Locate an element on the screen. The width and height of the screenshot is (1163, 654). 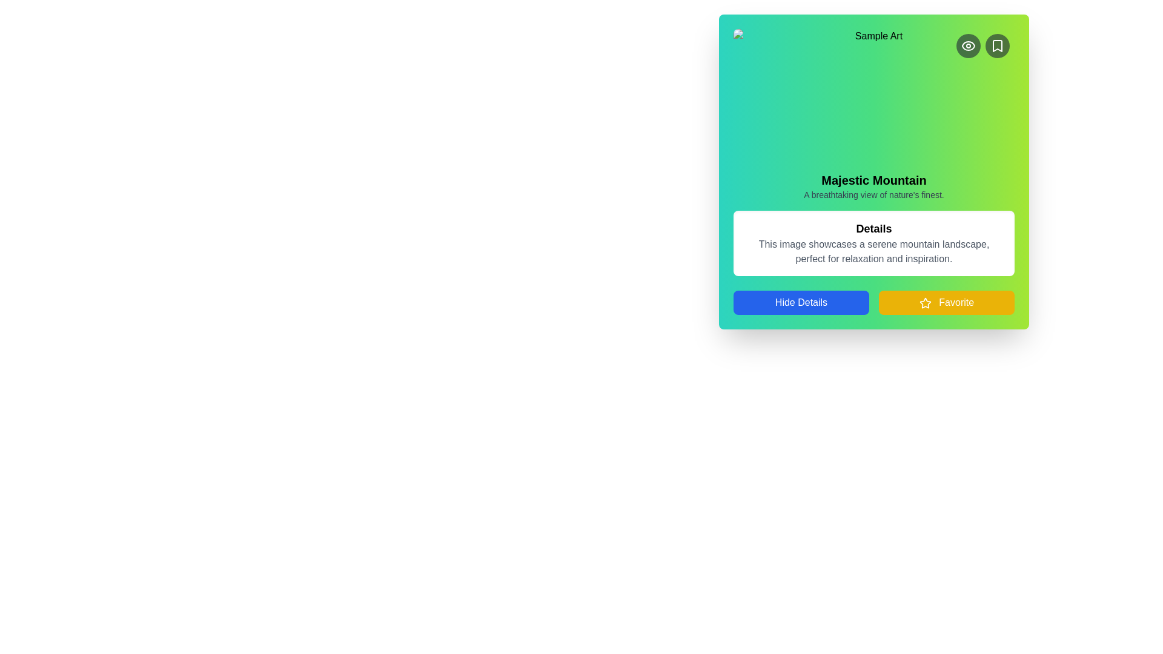
the descriptive text label that provides additional context about 'Majestic Mountain', which is positioned directly below the title text is located at coordinates (874, 194).